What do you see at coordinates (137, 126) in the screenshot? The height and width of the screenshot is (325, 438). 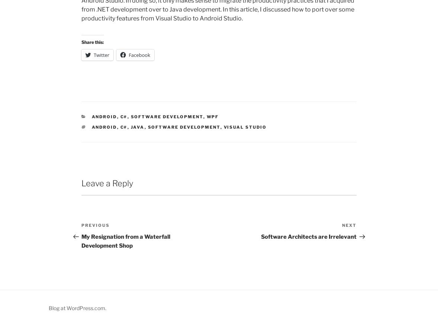 I see `'Java'` at bounding box center [137, 126].